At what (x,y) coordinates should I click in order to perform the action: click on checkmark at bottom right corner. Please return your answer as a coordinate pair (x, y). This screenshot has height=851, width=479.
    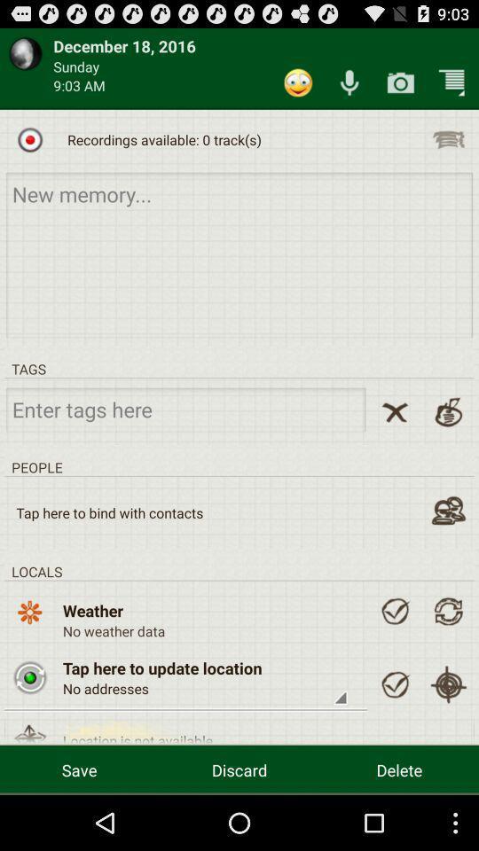
    Looking at the image, I should click on (395, 683).